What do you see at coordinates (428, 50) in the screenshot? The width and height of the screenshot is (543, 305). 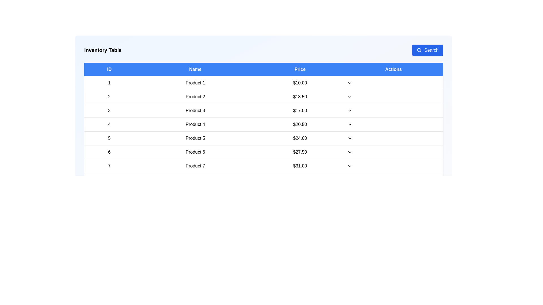 I see `the search button to initiate the search functionality` at bounding box center [428, 50].